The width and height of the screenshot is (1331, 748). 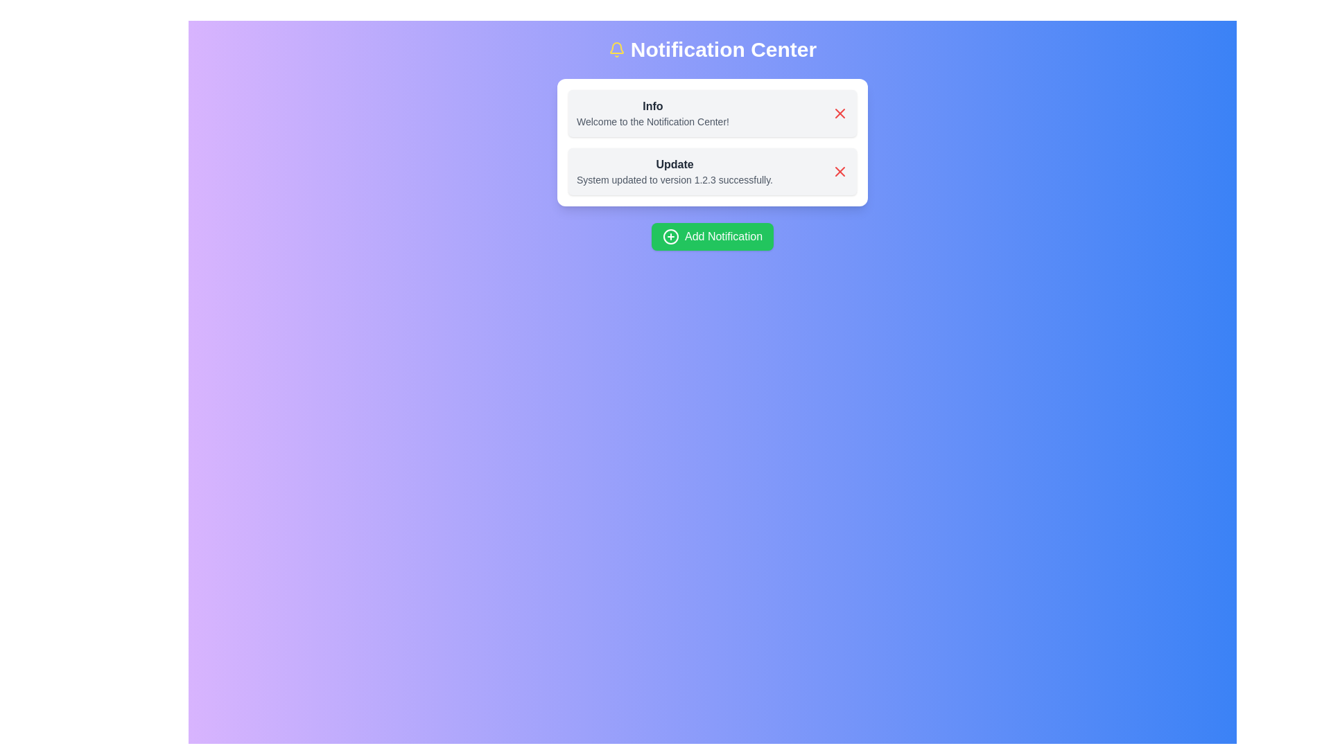 I want to click on the bolded text label reading 'Info' at the top of the notification card, so click(x=652, y=106).